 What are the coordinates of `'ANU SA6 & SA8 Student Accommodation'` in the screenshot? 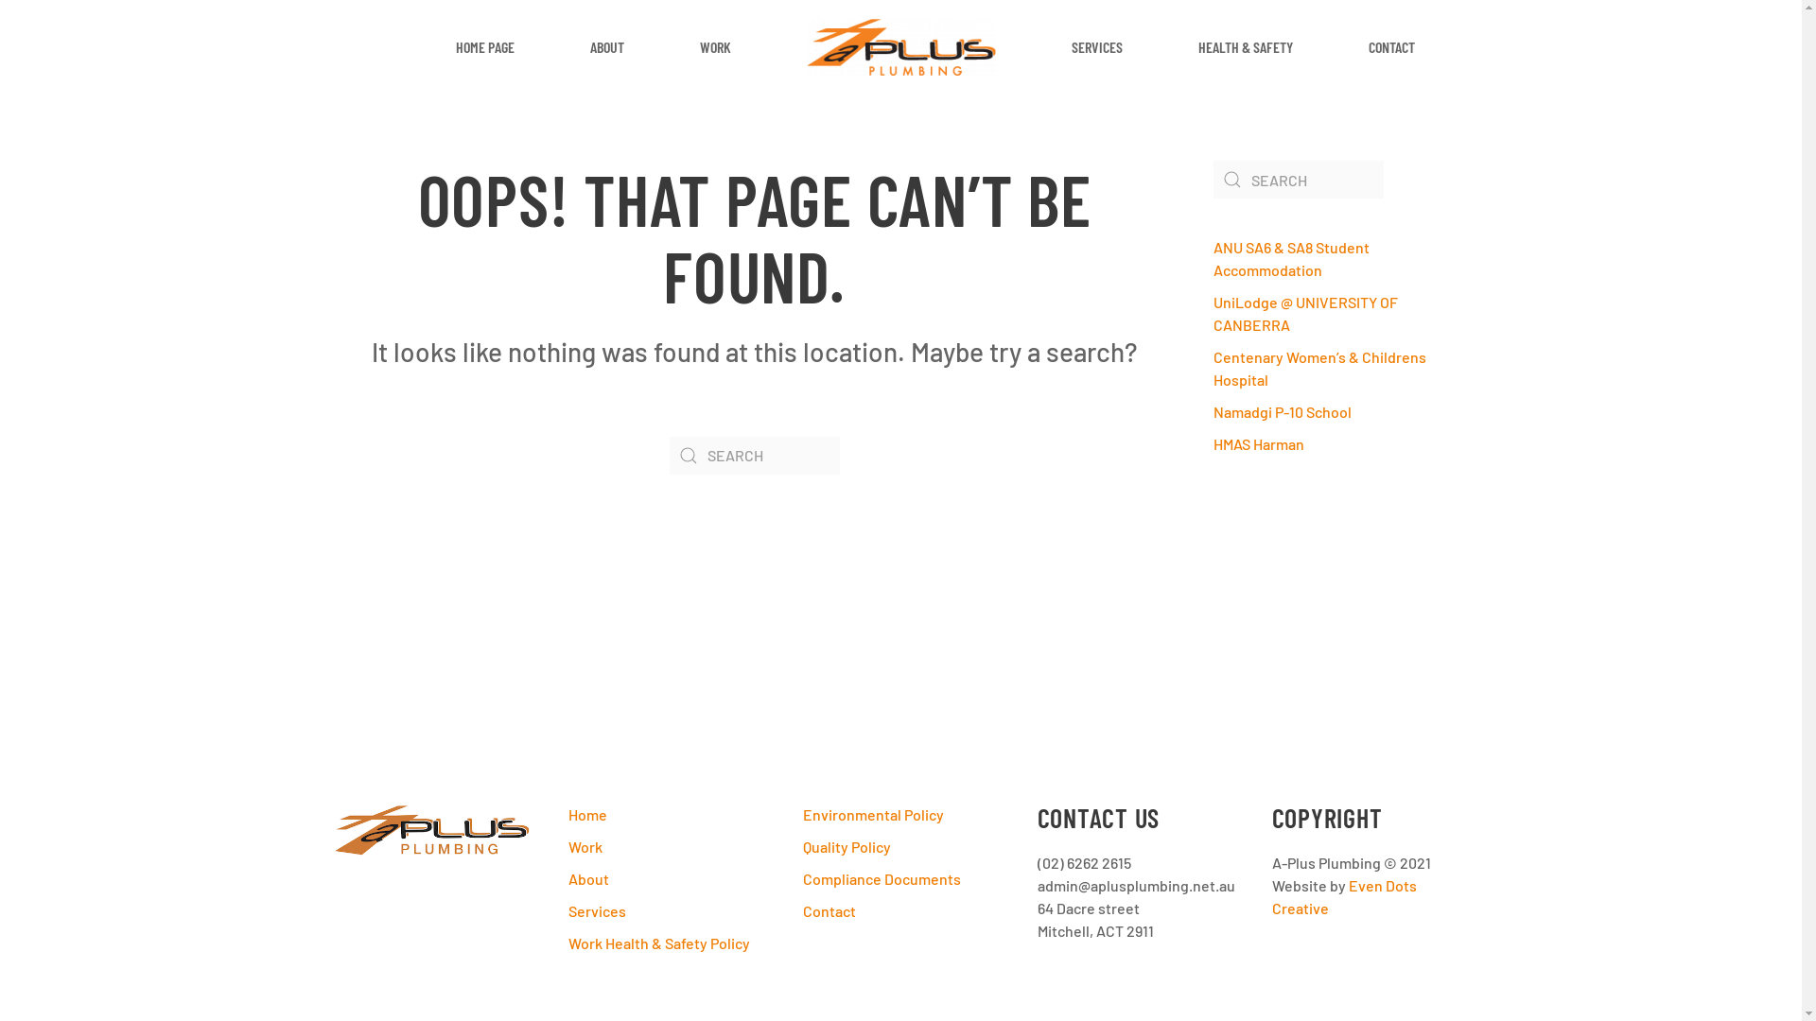 It's located at (1289, 258).